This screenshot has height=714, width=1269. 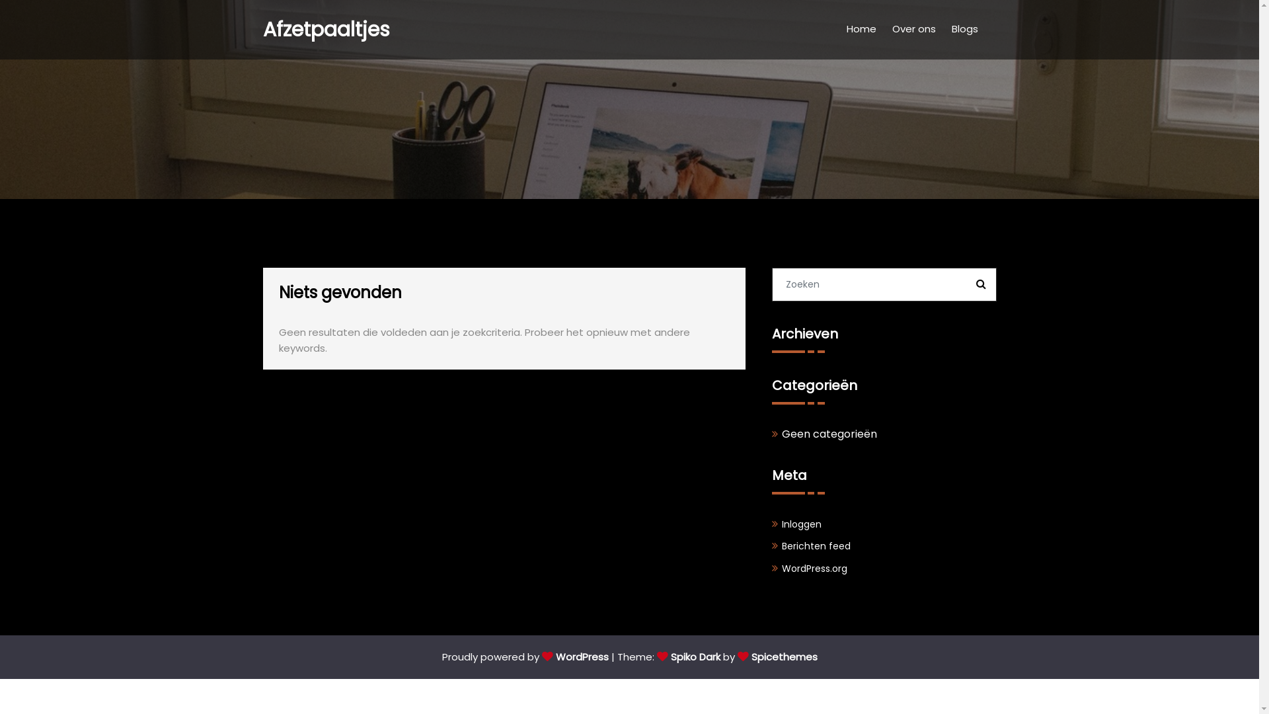 I want to click on 'Afzetpaaltjes', so click(x=327, y=30).